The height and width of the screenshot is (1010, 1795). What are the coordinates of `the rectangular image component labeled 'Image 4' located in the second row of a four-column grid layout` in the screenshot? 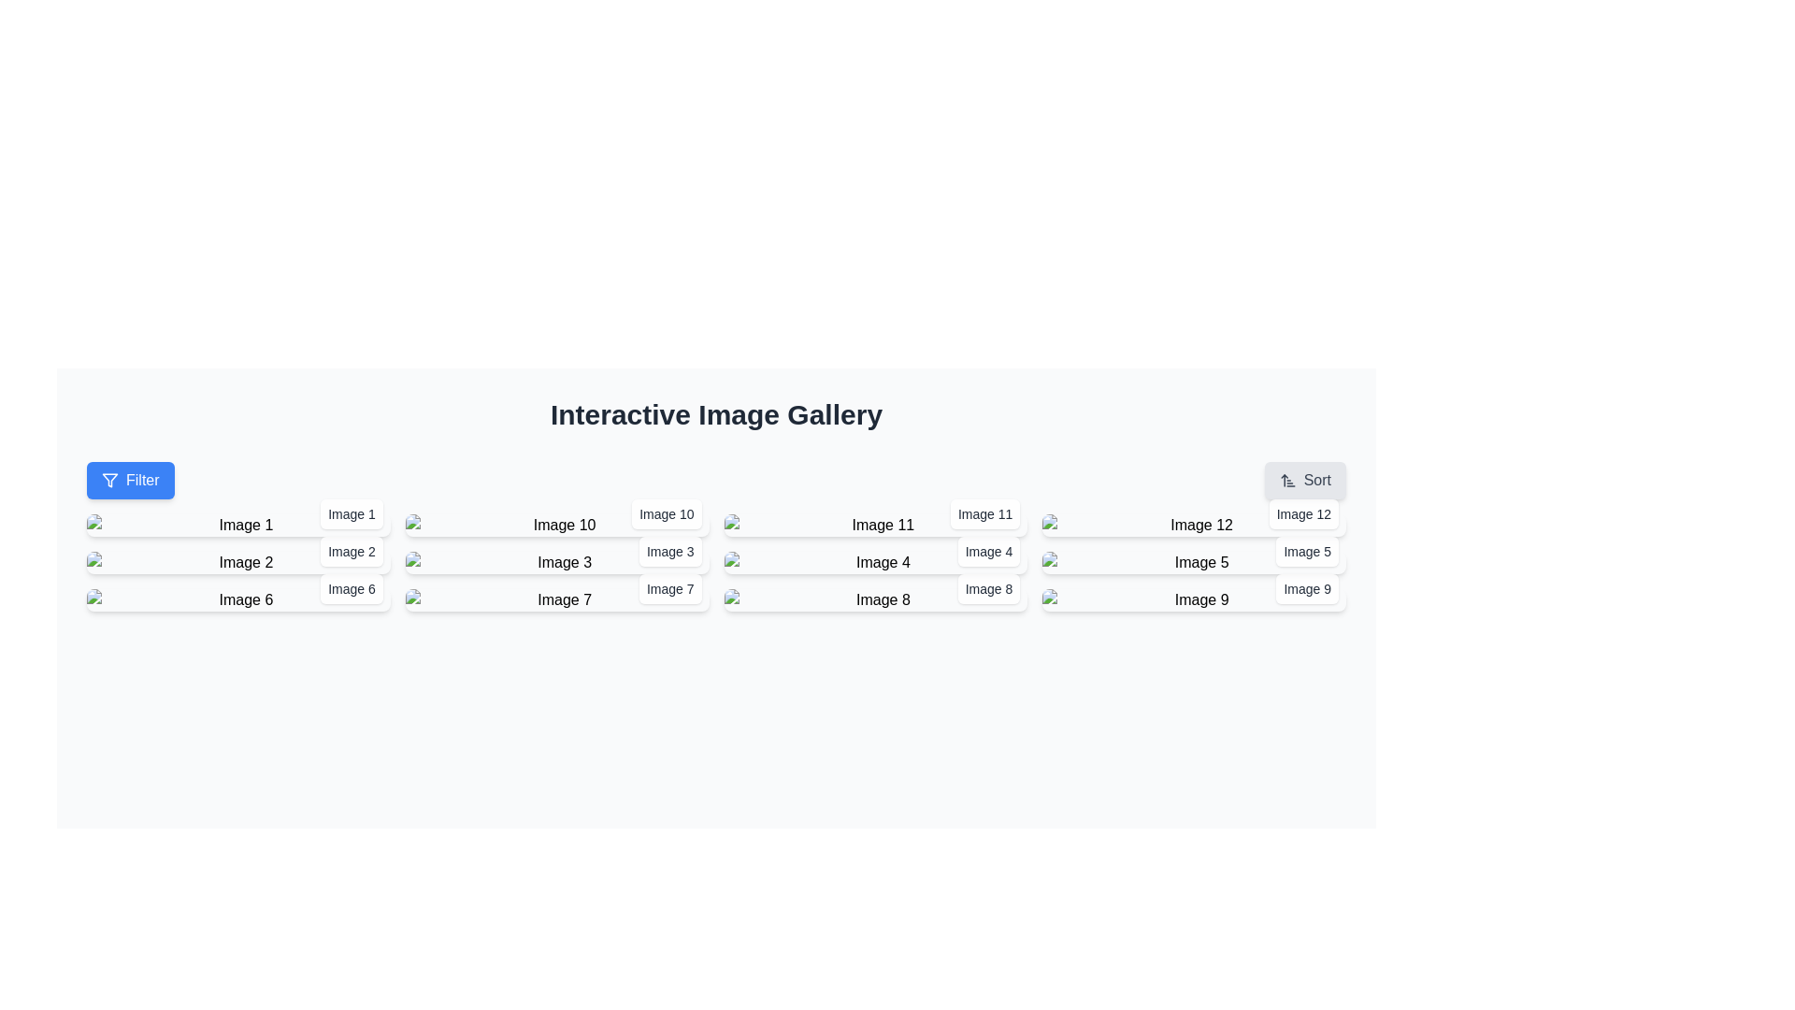 It's located at (874, 561).